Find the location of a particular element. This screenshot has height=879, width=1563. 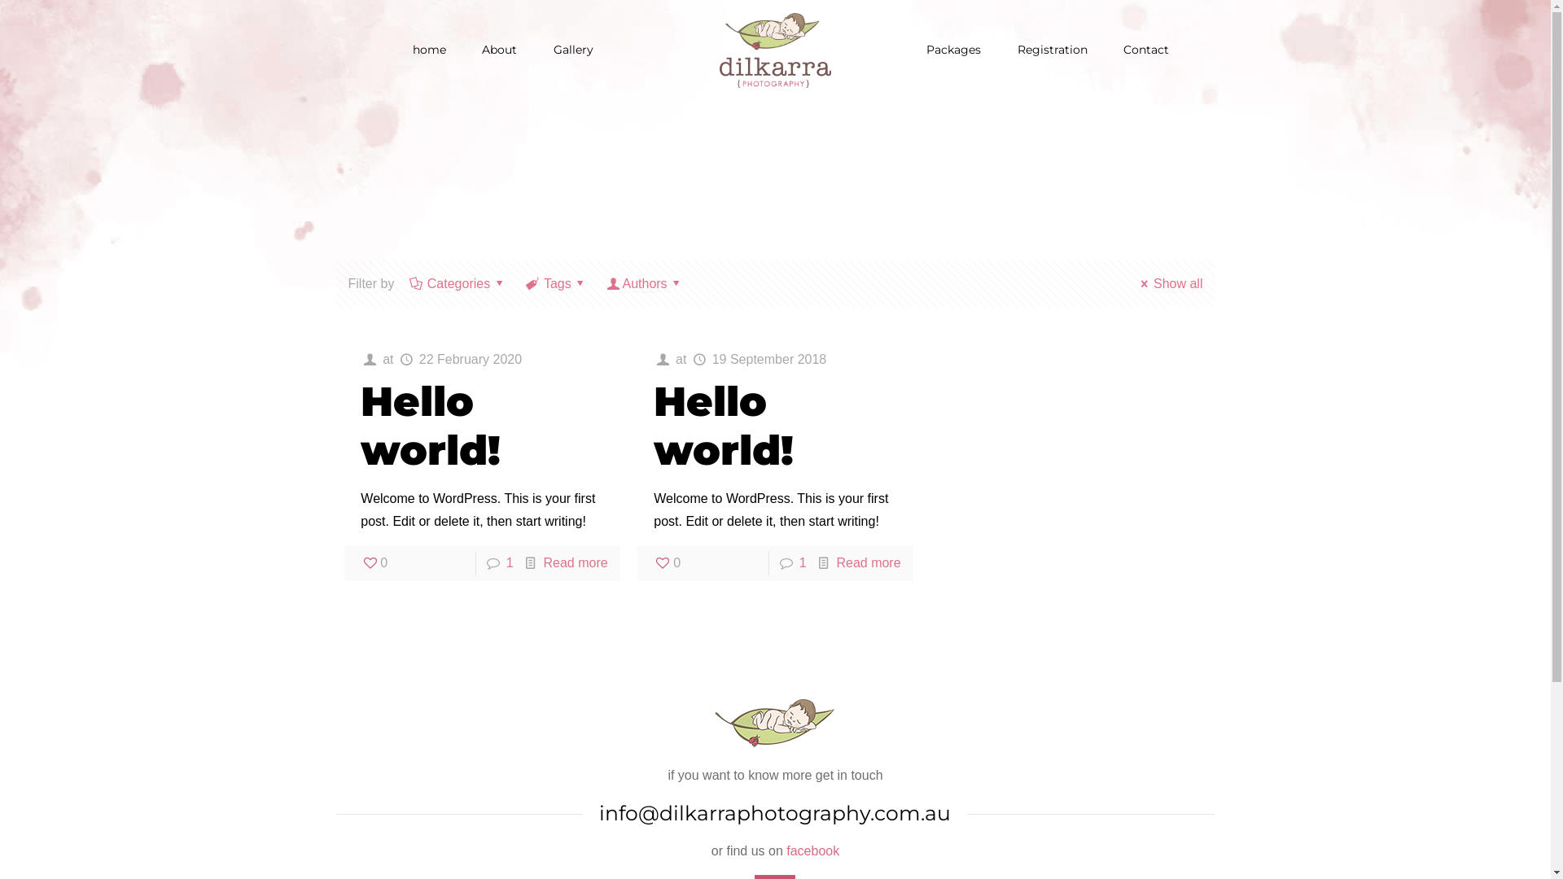

'Packages' is located at coordinates (953, 49).